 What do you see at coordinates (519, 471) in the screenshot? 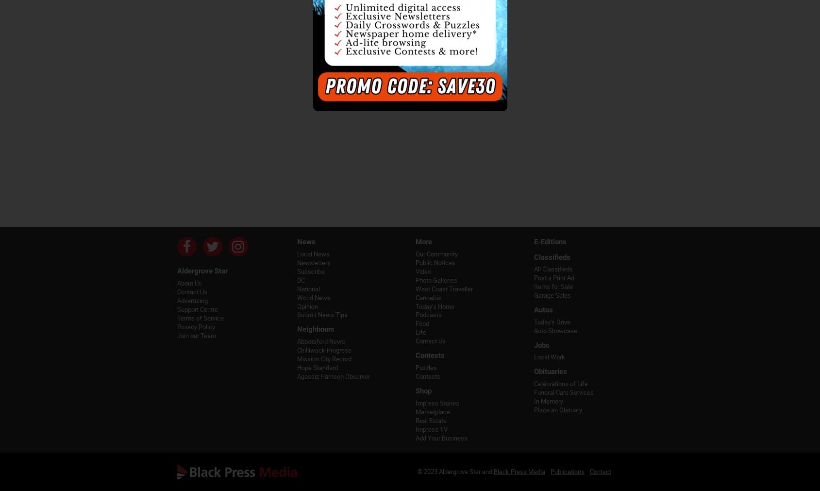
I see `'Black Press Media'` at bounding box center [519, 471].